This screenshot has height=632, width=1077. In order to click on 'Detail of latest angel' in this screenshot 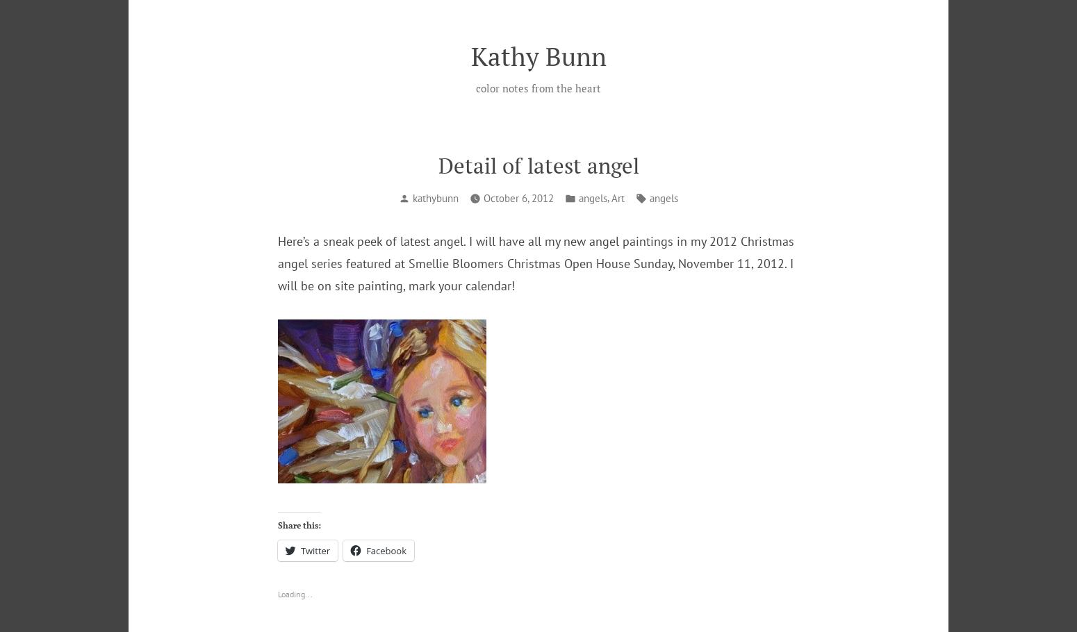, I will do `click(538, 165)`.